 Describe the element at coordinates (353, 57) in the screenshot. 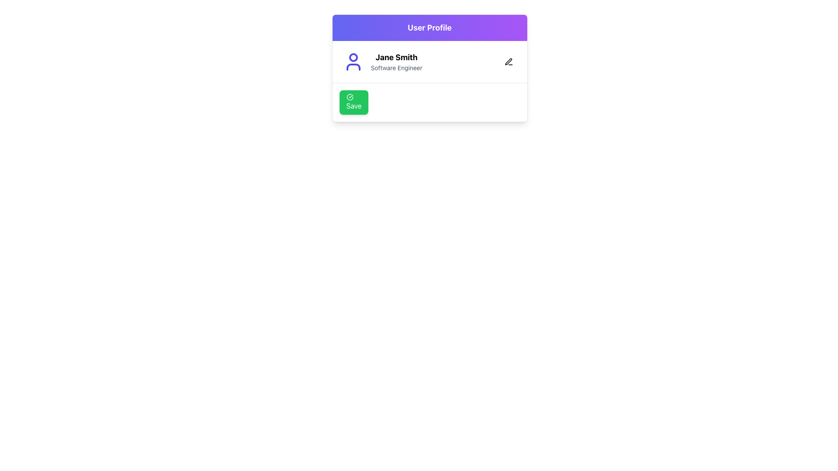

I see `the circular graphic element that is positioned at the center of the user's avatar icon, located above the user name label and to the left of the edit icon` at that location.